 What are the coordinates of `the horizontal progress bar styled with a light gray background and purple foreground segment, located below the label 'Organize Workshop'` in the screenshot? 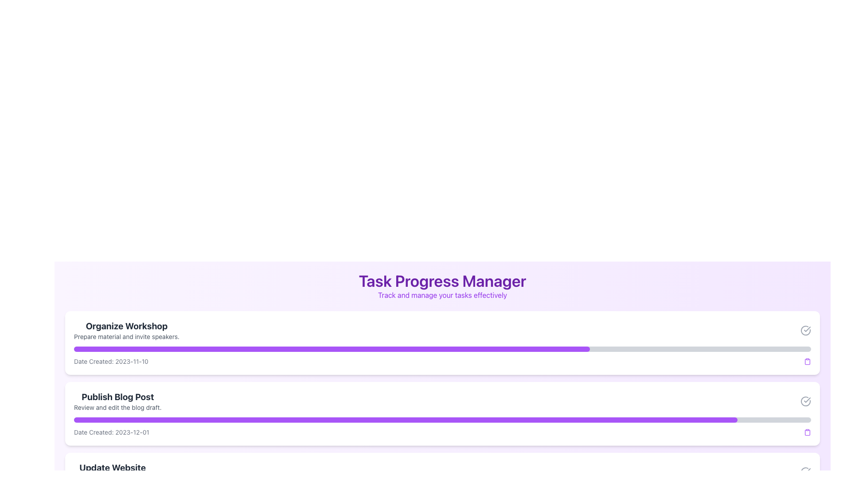 It's located at (442, 349).